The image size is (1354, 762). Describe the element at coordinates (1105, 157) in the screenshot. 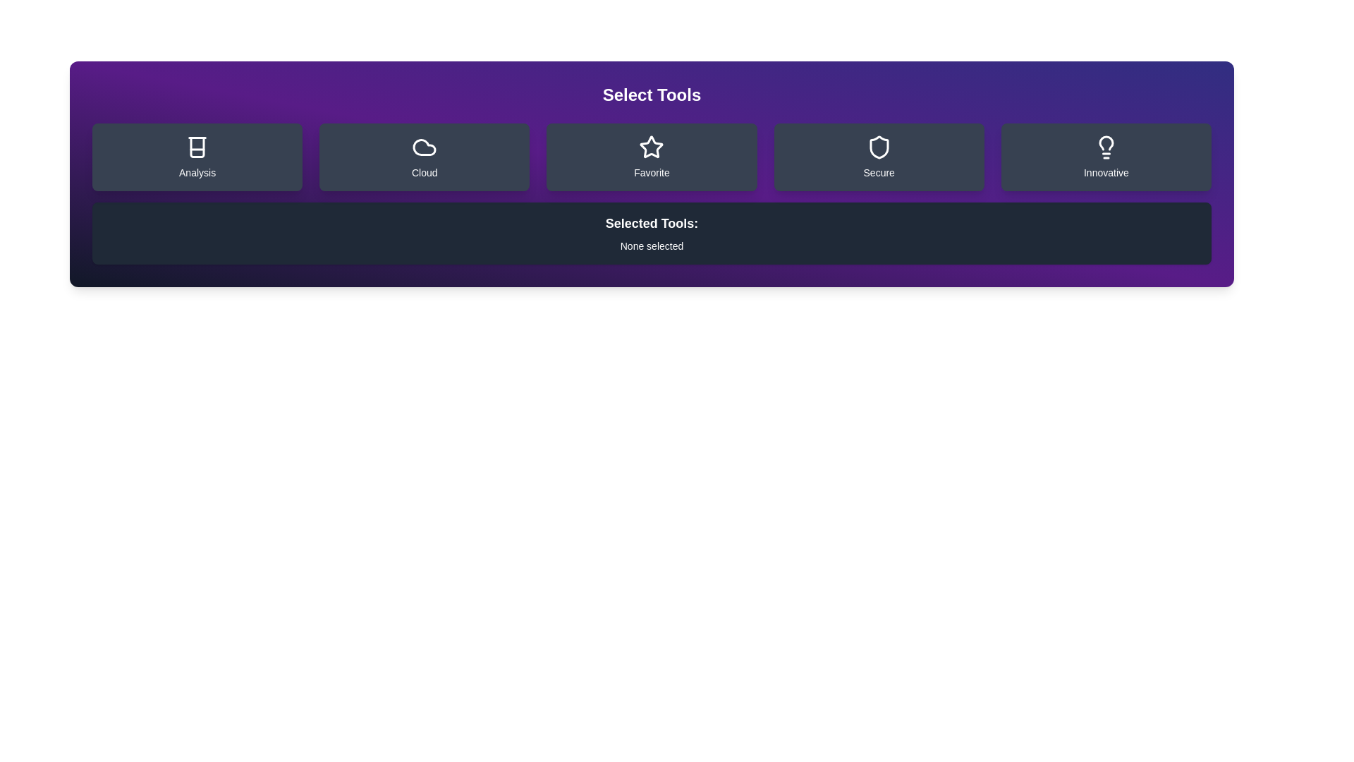

I see `the 'Innovative' button, which is the last button in a row of five` at that location.